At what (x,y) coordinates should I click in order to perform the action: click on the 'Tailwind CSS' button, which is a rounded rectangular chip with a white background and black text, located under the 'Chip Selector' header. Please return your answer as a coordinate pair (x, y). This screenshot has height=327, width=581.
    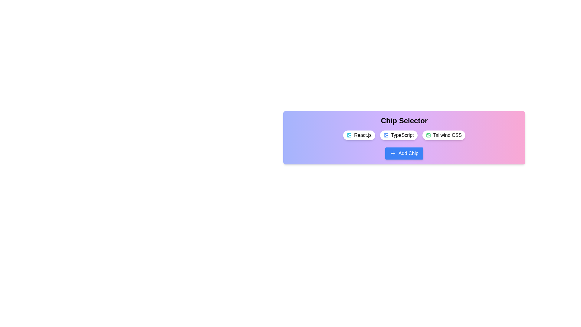
    Looking at the image, I should click on (444, 135).